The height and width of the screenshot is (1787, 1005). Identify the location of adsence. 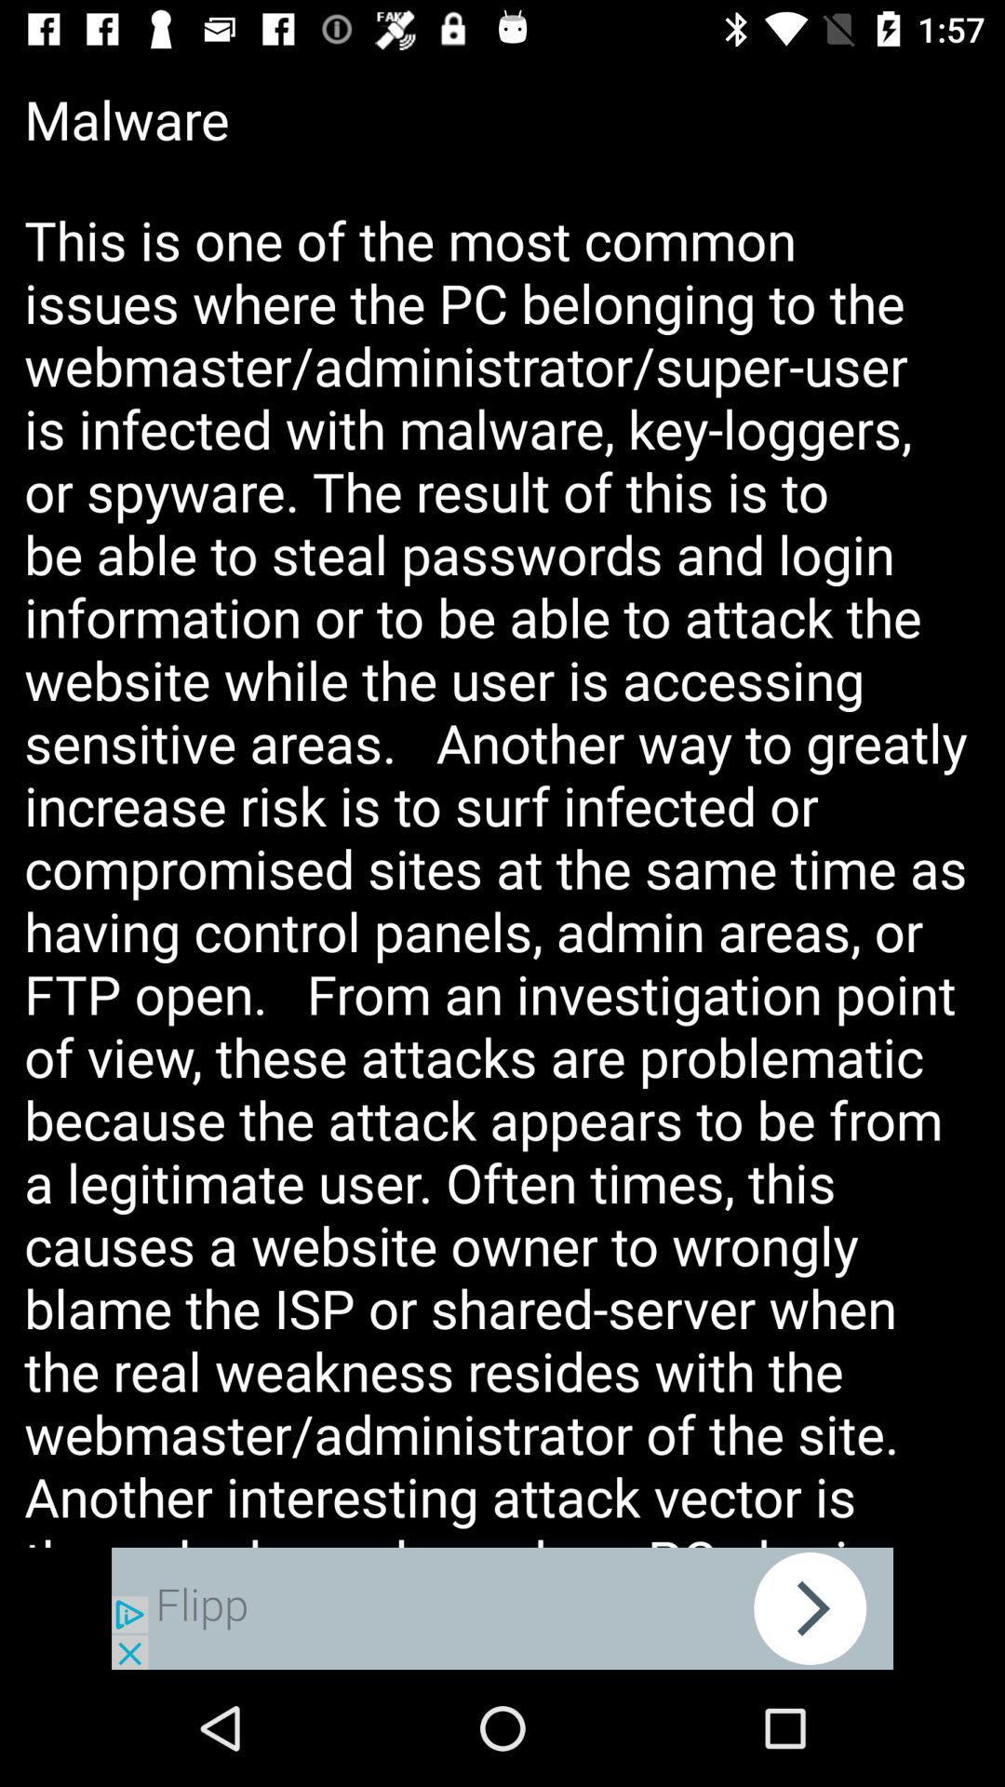
(502, 1607).